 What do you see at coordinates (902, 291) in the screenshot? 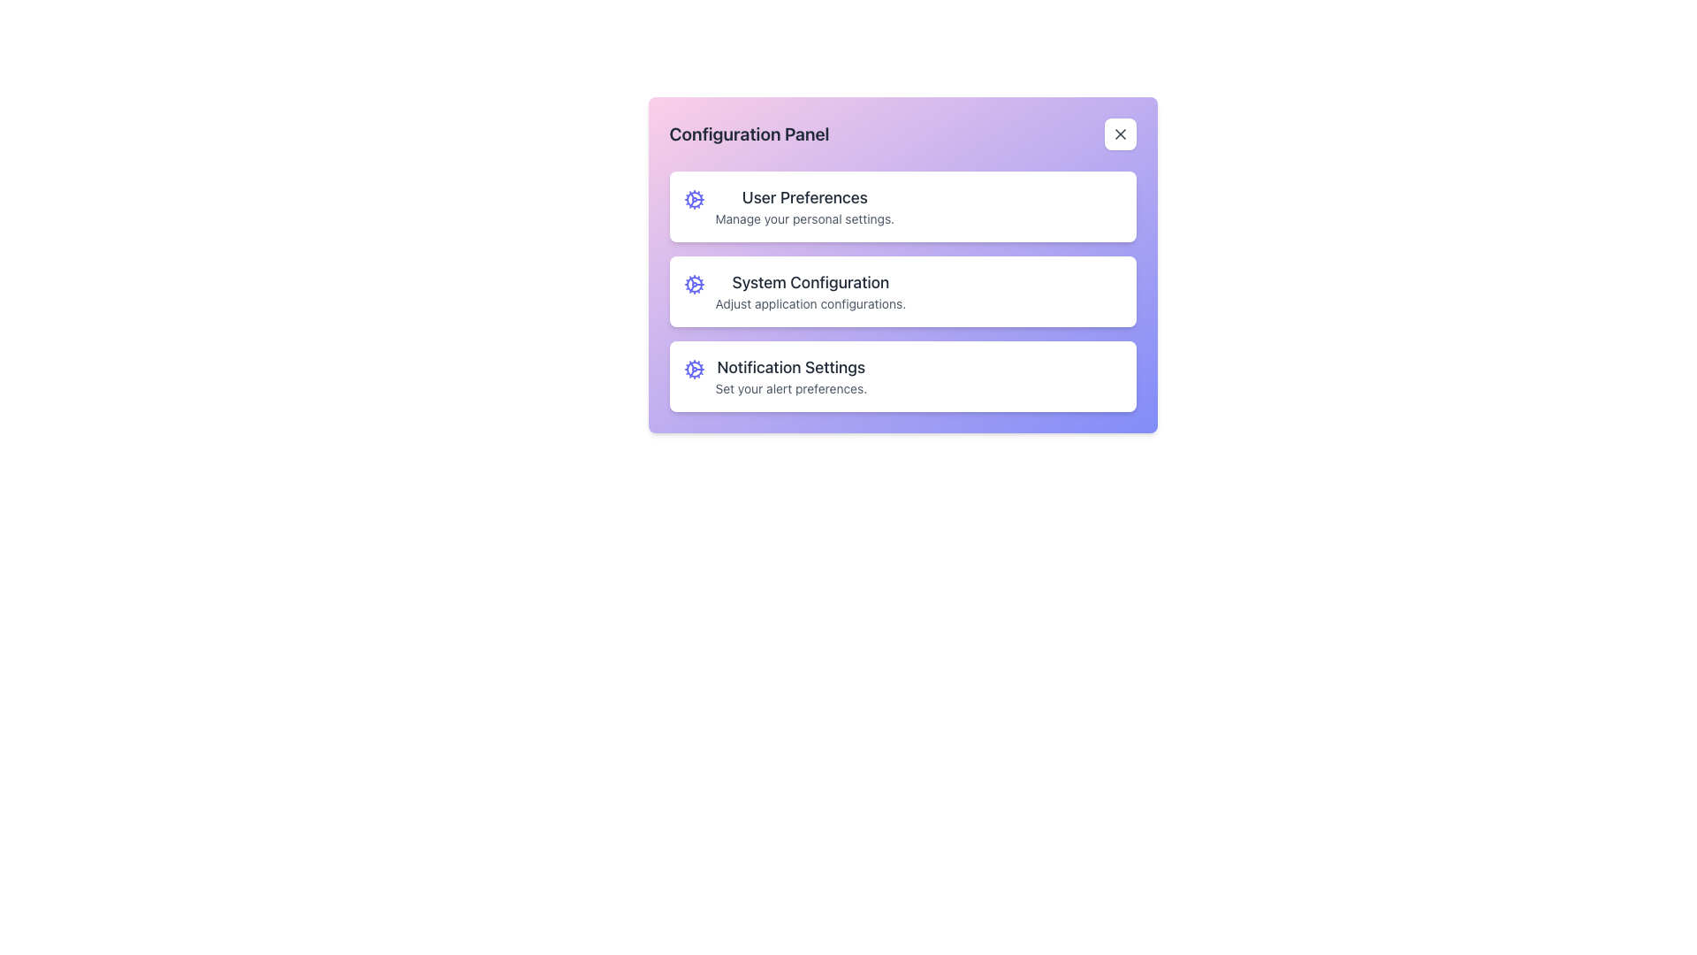
I see `the 'System Configuration' informational card, which is the second card in the vertical stack within the 'Configuration Panel' section` at bounding box center [902, 291].